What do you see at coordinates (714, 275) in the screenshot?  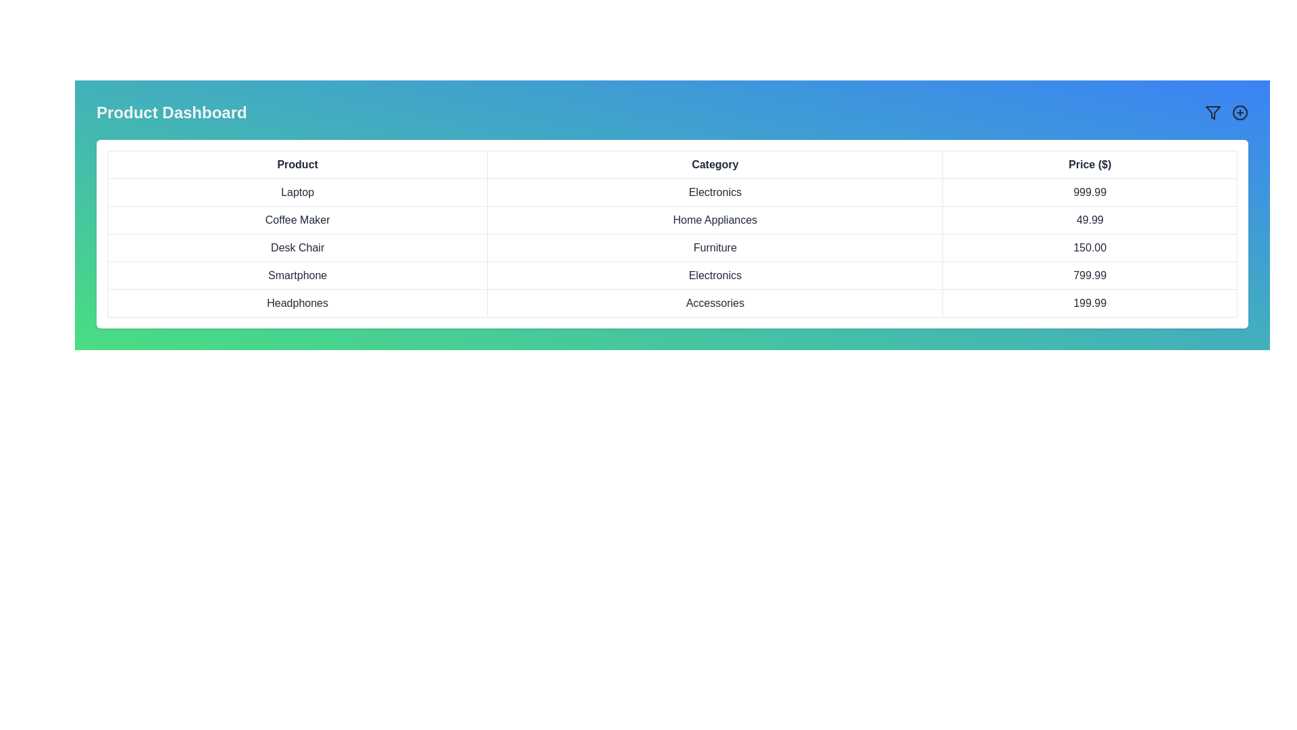 I see `text content of the Table Cell containing 'Electronics', which is styled with padding and a bordered outline, located in the second column of the row for the 'Smartphone' product entry` at bounding box center [714, 275].